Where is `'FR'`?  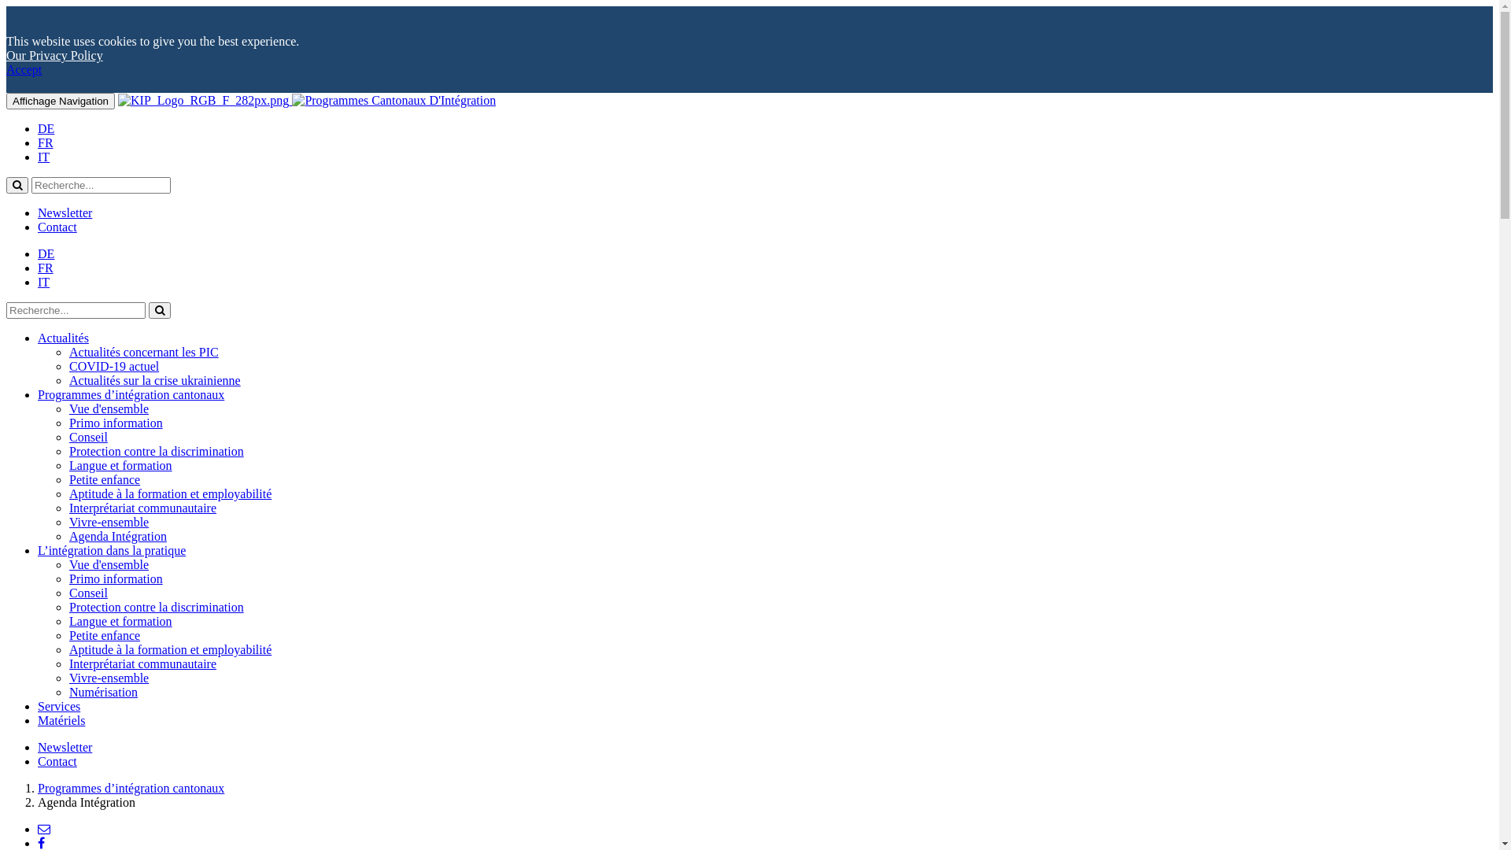
'FR' is located at coordinates (45, 267).